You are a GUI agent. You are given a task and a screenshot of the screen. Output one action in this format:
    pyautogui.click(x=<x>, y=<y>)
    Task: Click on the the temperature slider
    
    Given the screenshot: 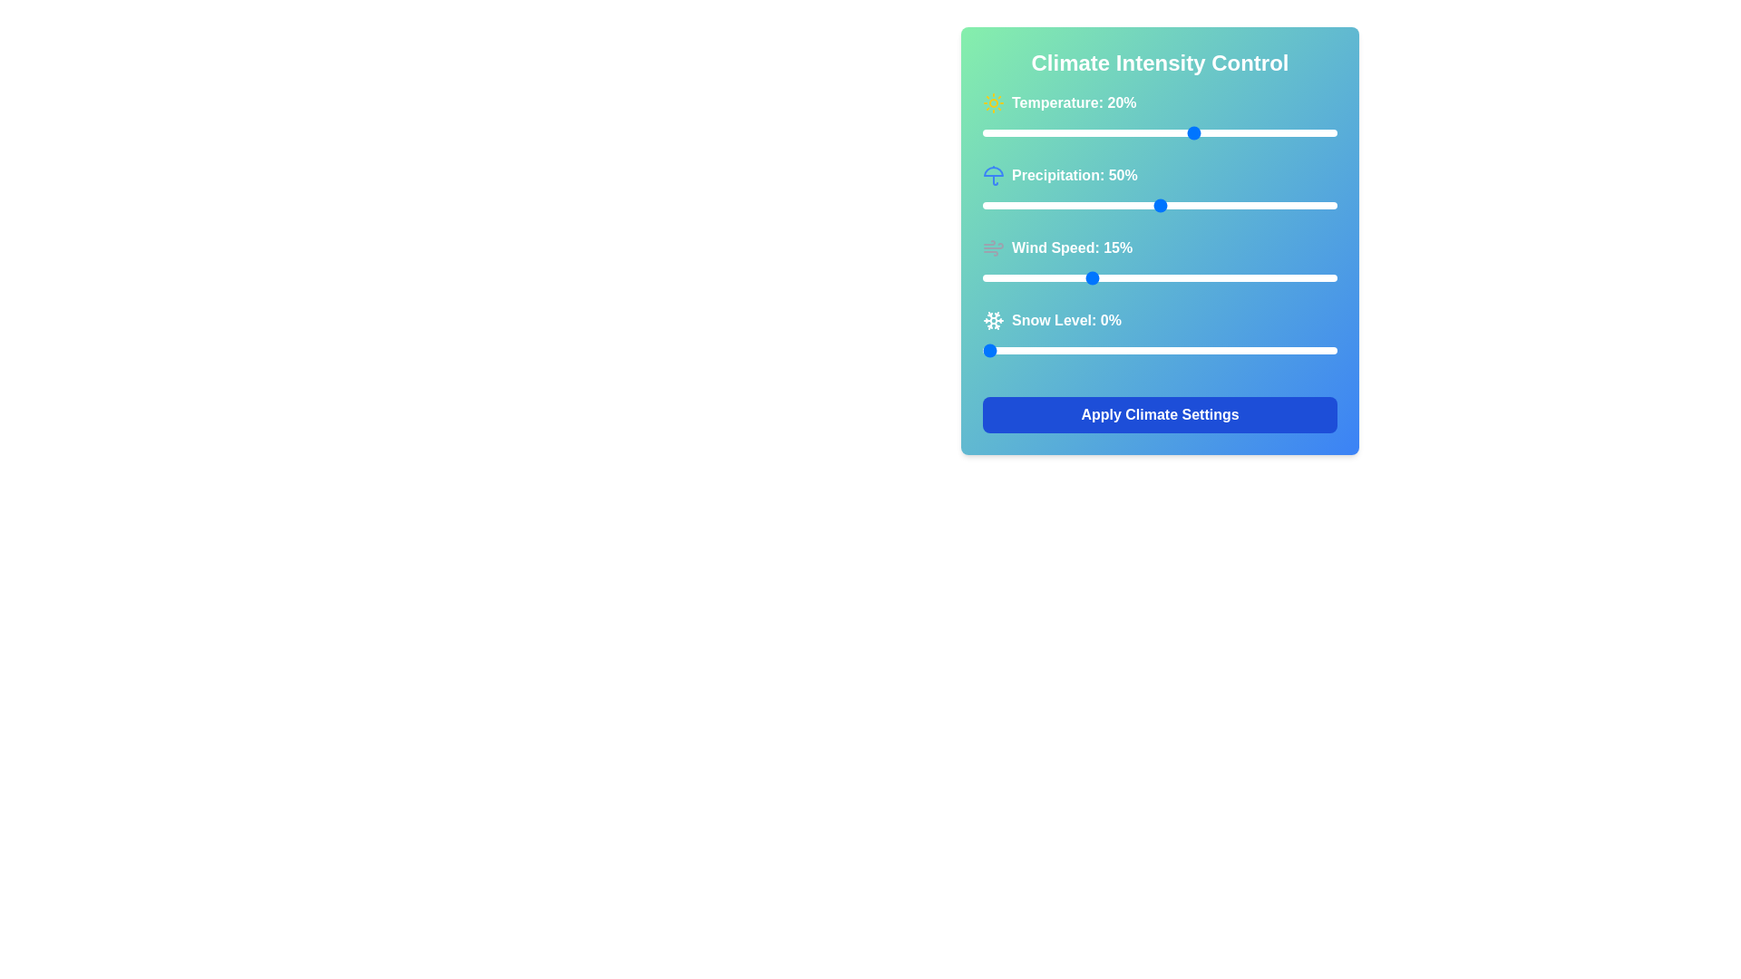 What is the action you would take?
    pyautogui.click(x=1279, y=131)
    